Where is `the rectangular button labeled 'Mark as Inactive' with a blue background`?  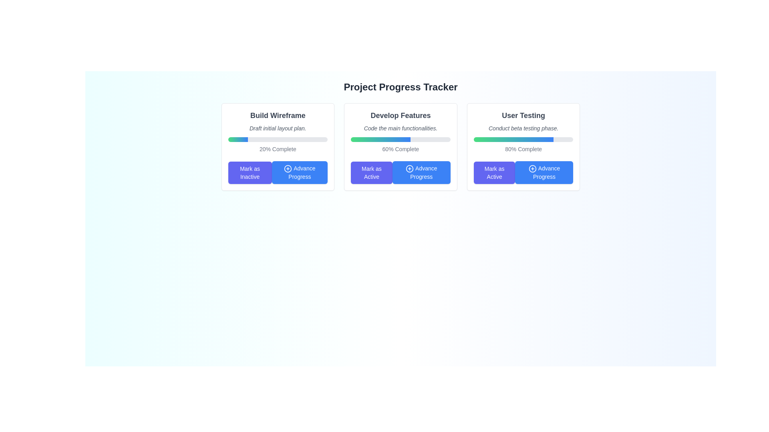 the rectangular button labeled 'Mark as Inactive' with a blue background is located at coordinates (250, 172).